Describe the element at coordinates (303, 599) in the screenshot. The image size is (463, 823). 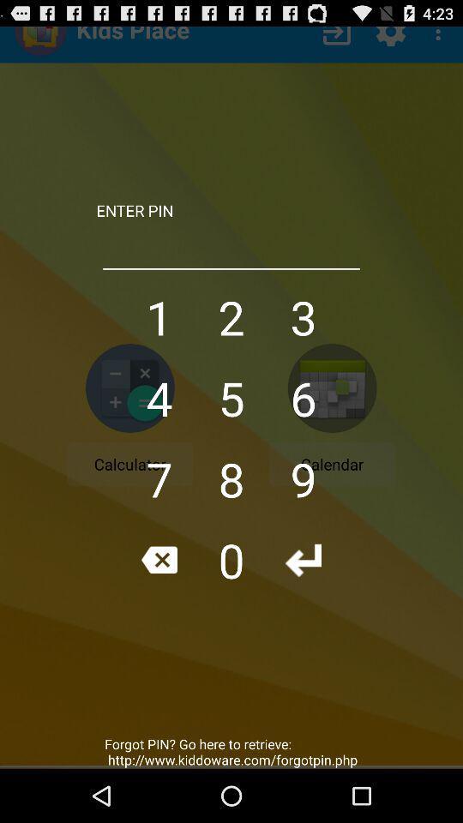
I see `the arrow_backward icon` at that location.